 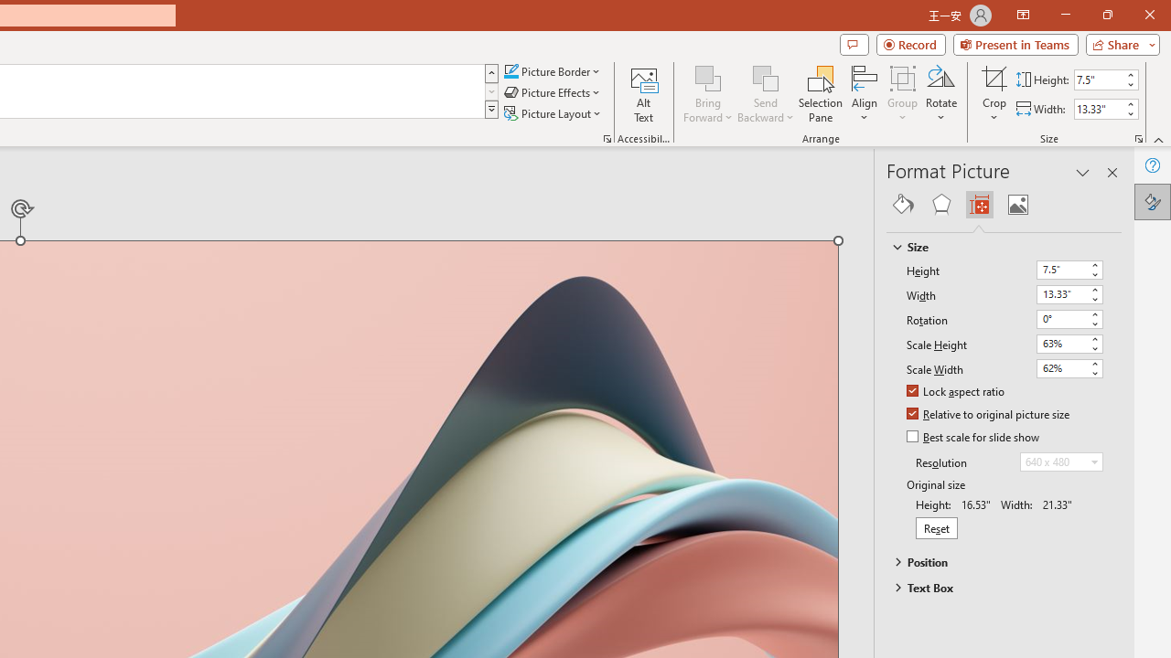 I want to click on 'Rotation', so click(x=1069, y=318).